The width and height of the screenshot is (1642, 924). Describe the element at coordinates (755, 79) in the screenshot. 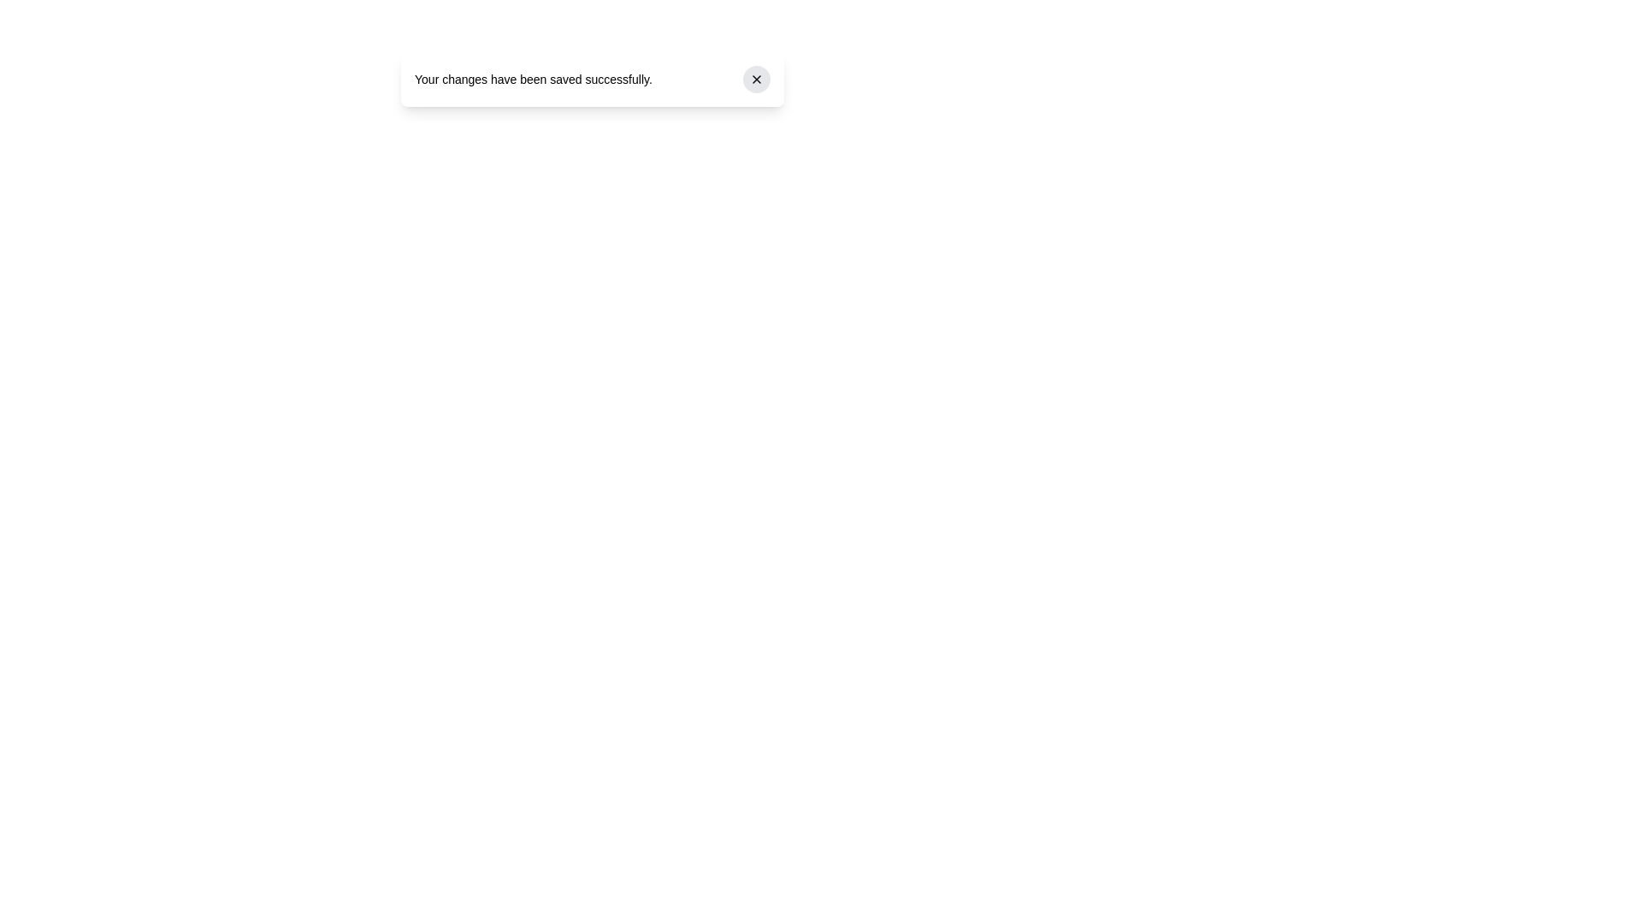

I see `the close icon button, which is a small 'X' mark inside a circular button with a gray background, located at the top-right area of the notification card` at that location.